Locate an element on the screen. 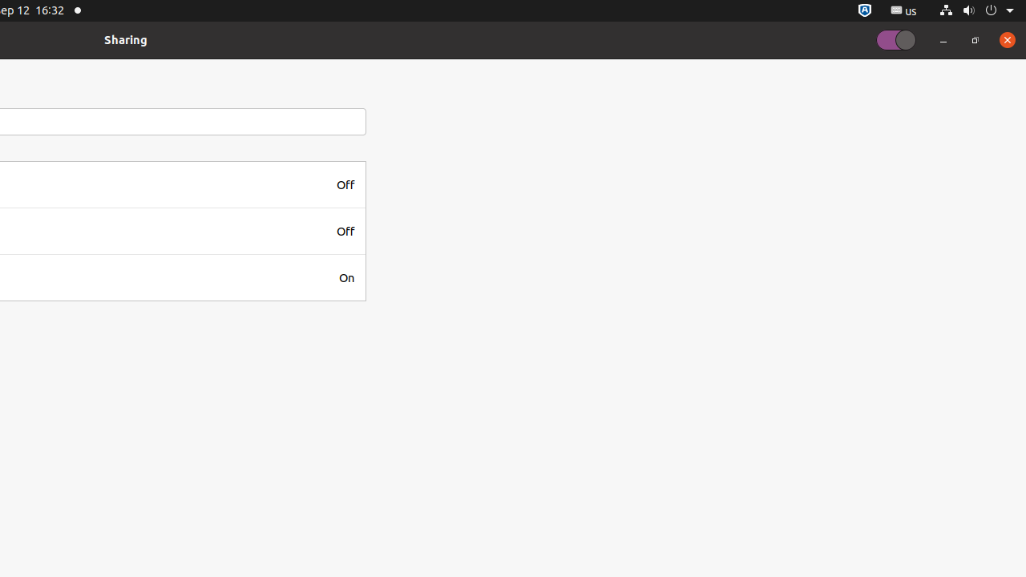 This screenshot has width=1026, height=577. 'Sharing' is located at coordinates (125, 38).